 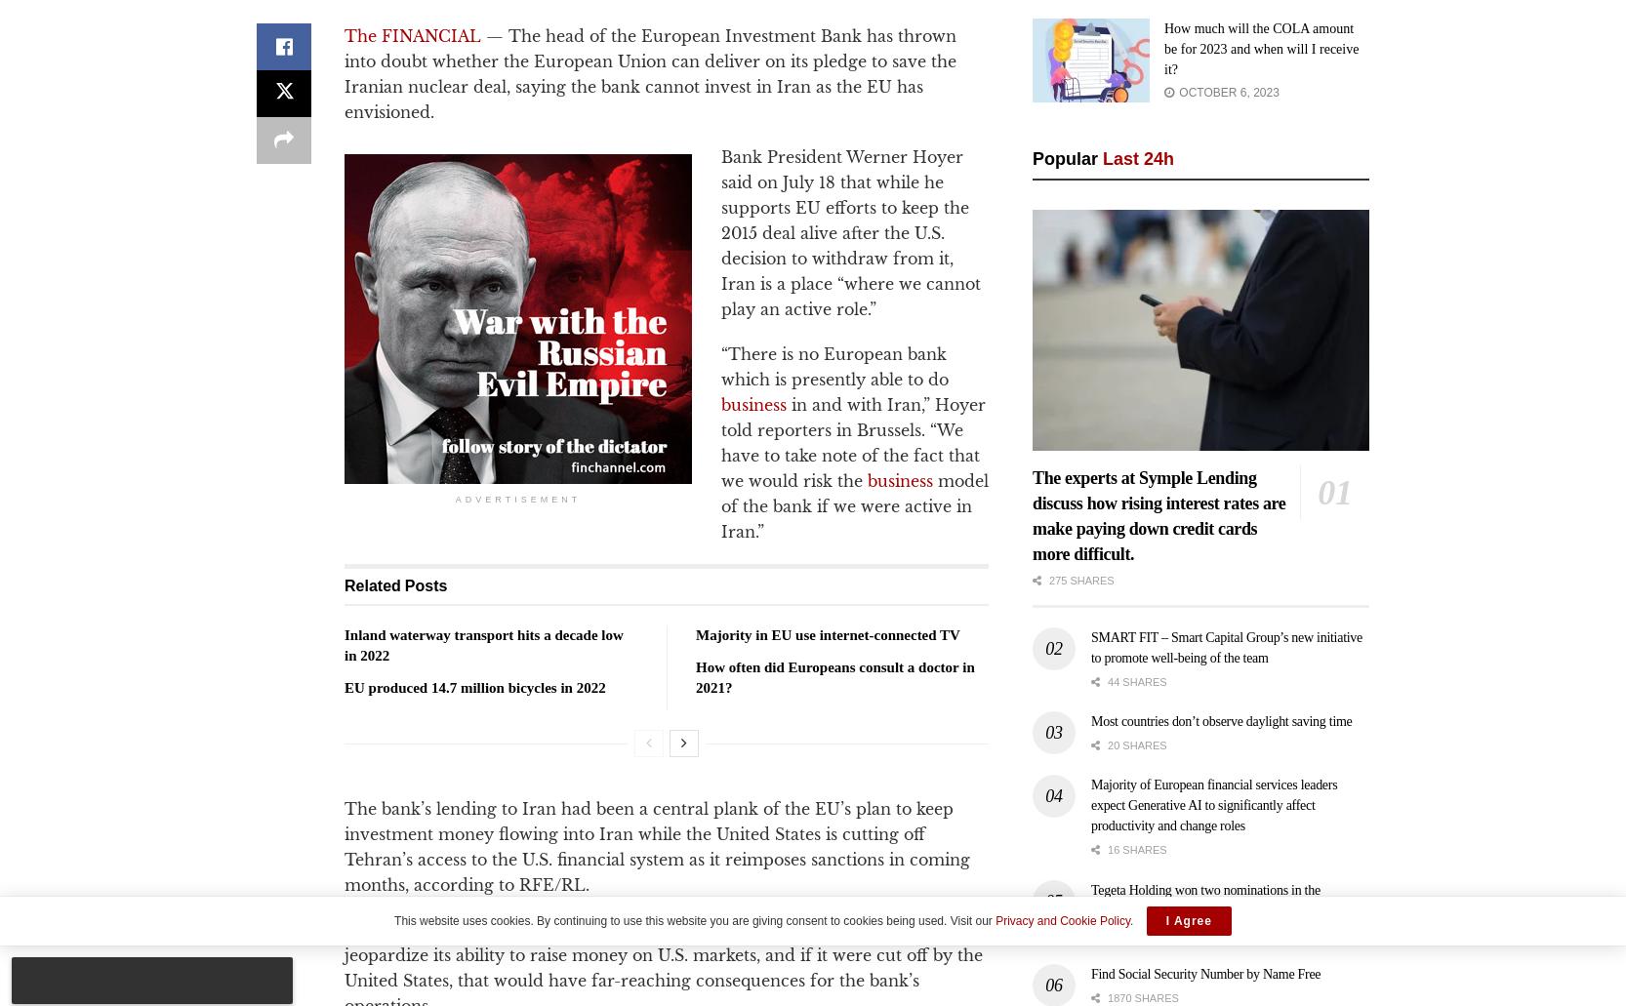 What do you see at coordinates (1091, 647) in the screenshot?
I see `'SMART FIT – Smart Capital Group’s new initiative to promote well-being of the team'` at bounding box center [1091, 647].